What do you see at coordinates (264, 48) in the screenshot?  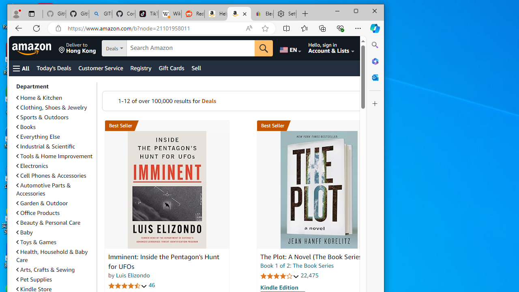 I see `'Go'` at bounding box center [264, 48].